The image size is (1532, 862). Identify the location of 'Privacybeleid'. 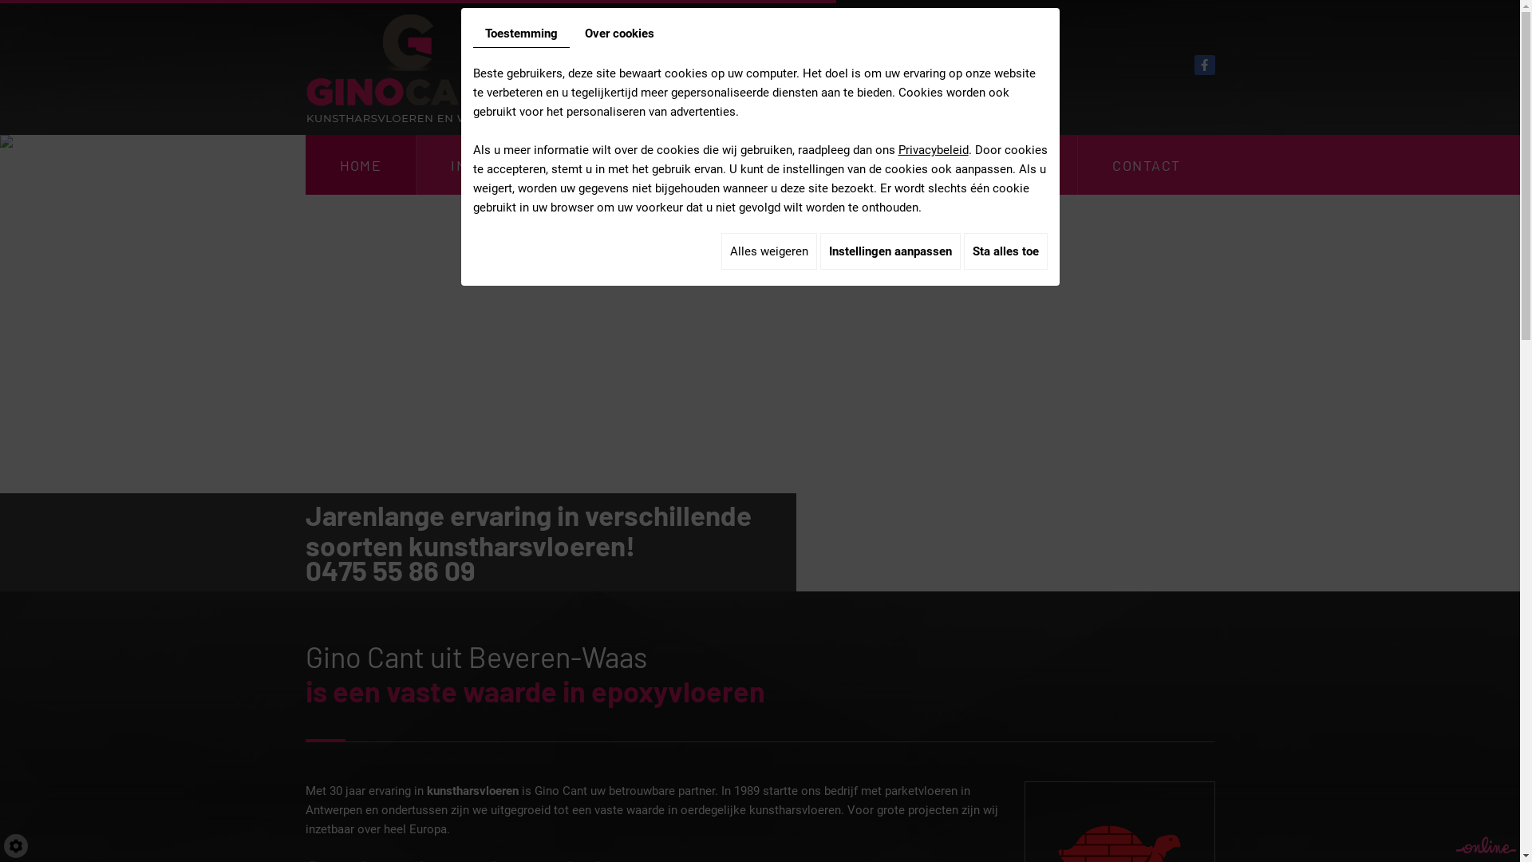
(934, 150).